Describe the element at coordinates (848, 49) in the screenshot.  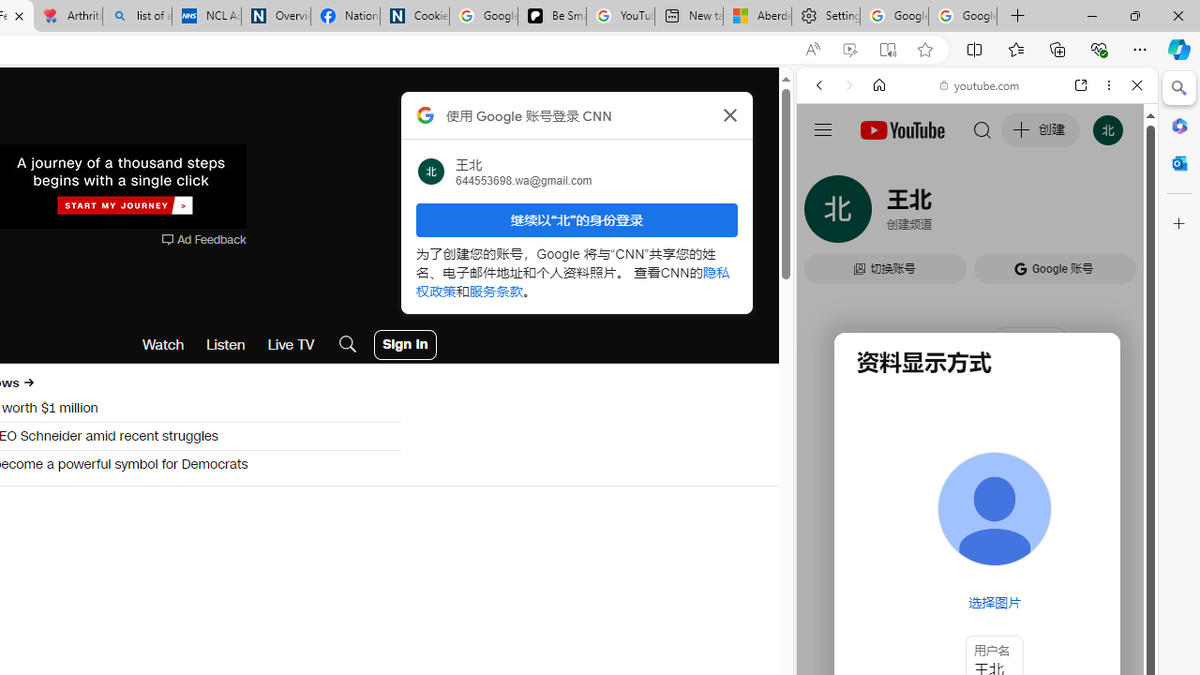
I see `'Enhance video'` at that location.